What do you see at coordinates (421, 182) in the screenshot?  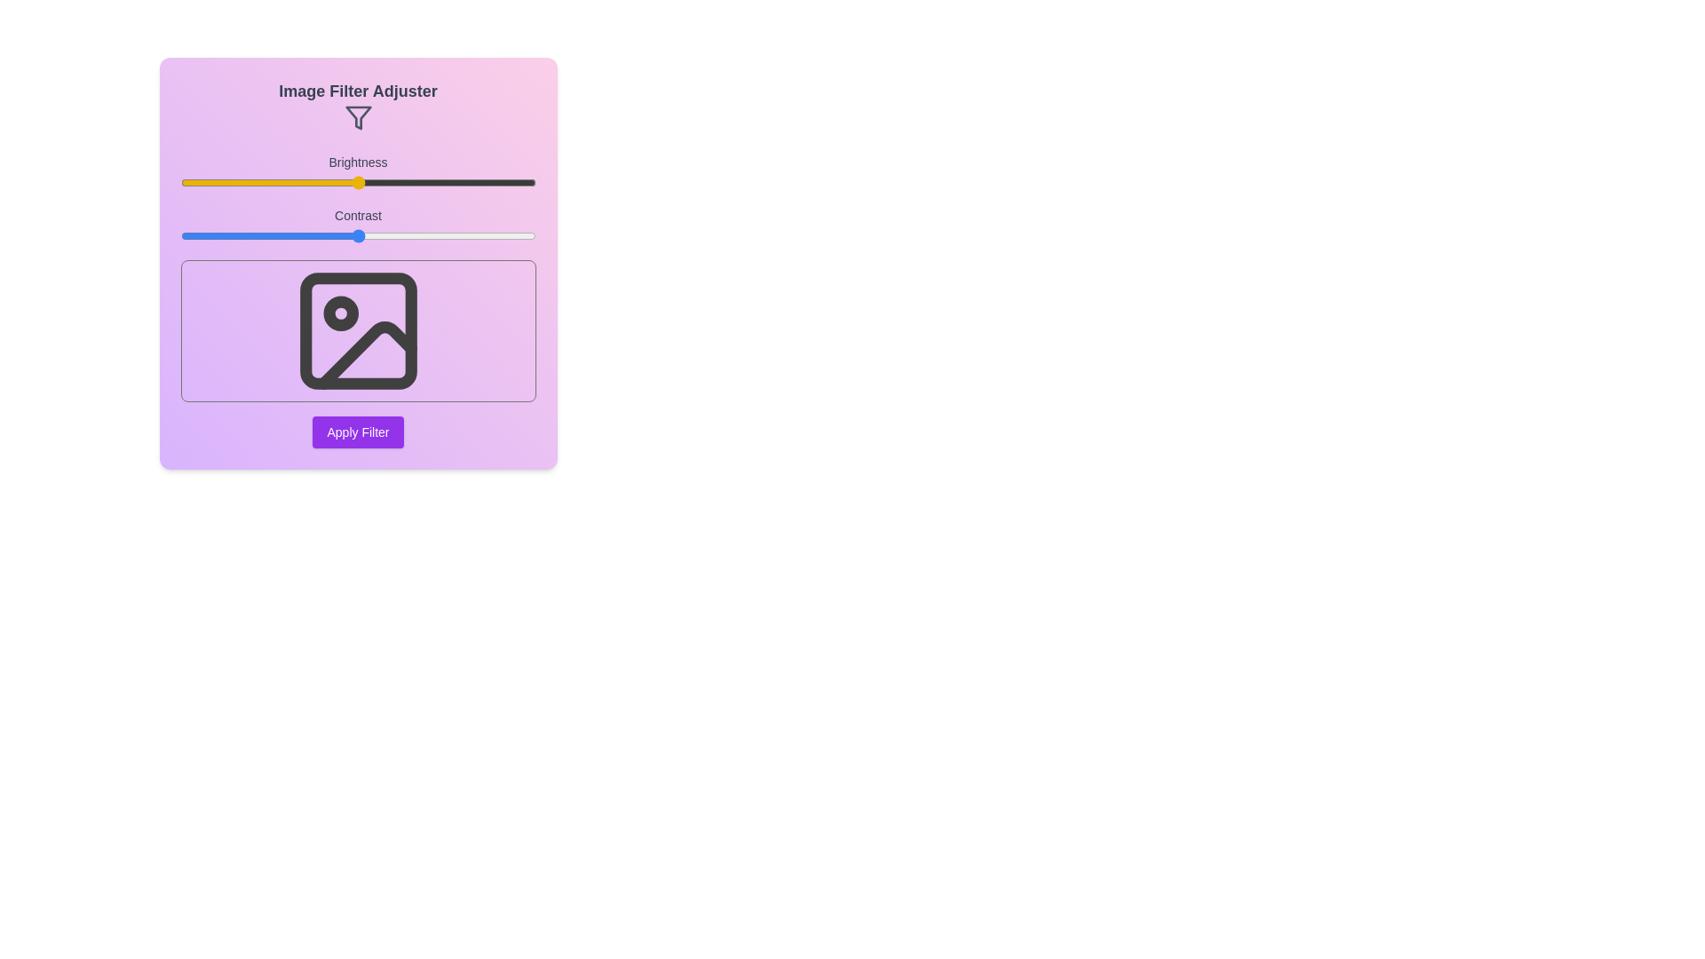 I see `the brightness slider to 68% and observe the preview image` at bounding box center [421, 182].